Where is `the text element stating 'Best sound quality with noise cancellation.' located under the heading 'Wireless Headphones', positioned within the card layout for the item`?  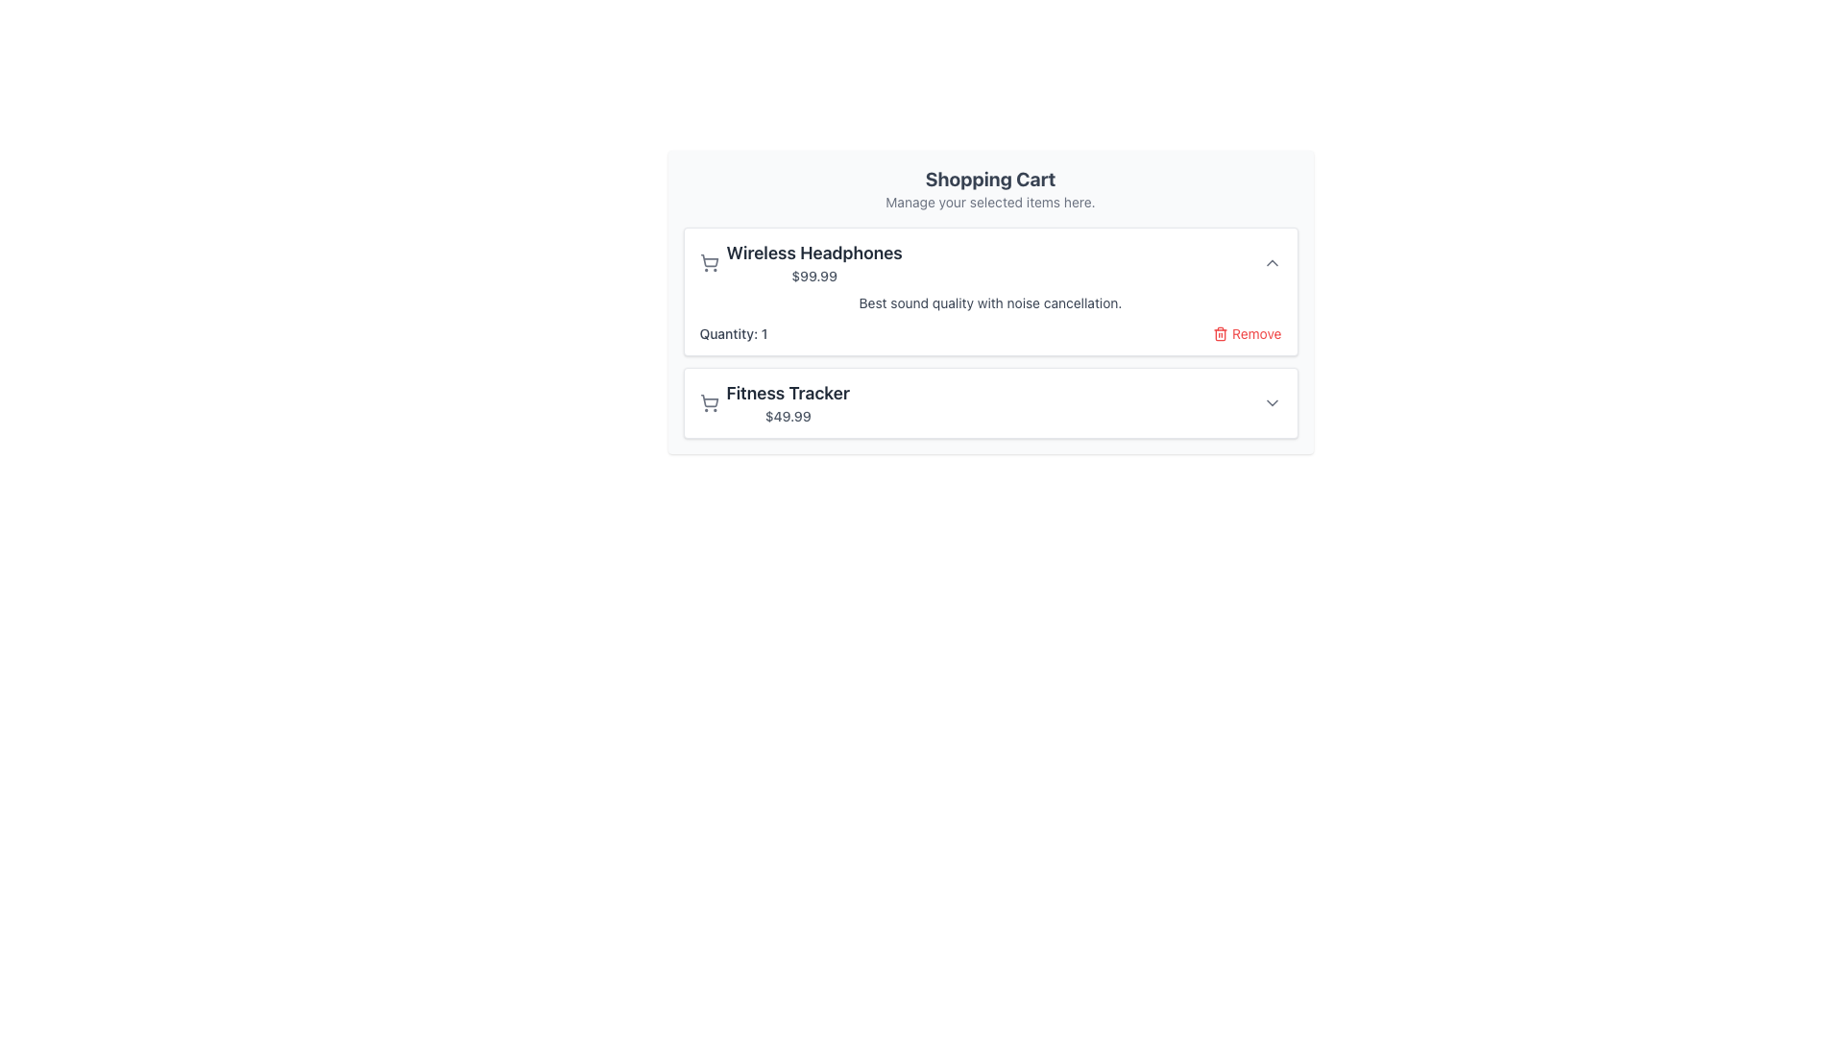 the text element stating 'Best sound quality with noise cancellation.' located under the heading 'Wireless Headphones', positioned within the card layout for the item is located at coordinates (990, 302).